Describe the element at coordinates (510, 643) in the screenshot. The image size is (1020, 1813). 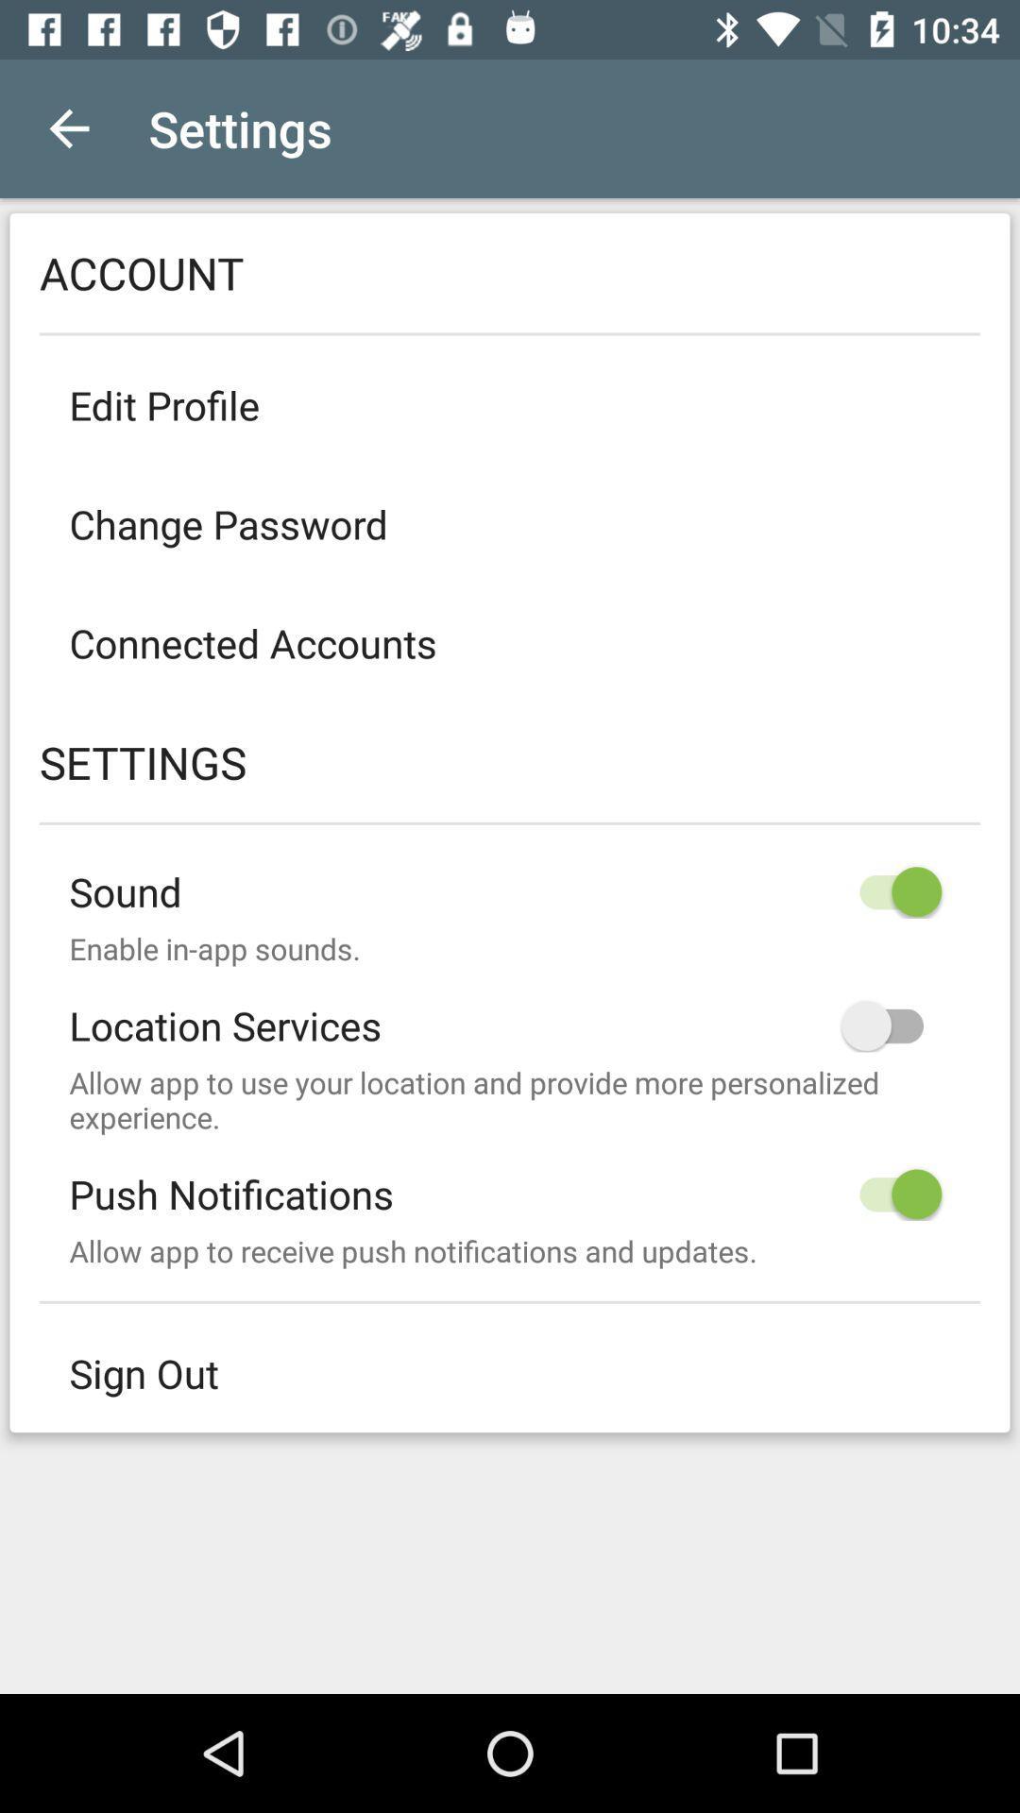
I see `the connected accounts item` at that location.